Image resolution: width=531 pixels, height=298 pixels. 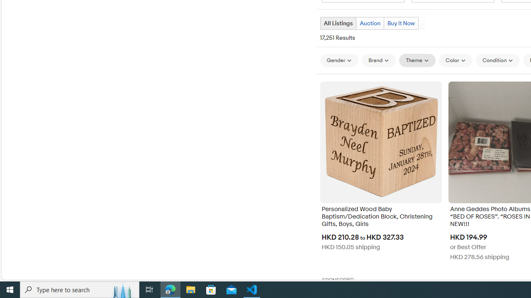 I want to click on 'Color', so click(x=455, y=60).